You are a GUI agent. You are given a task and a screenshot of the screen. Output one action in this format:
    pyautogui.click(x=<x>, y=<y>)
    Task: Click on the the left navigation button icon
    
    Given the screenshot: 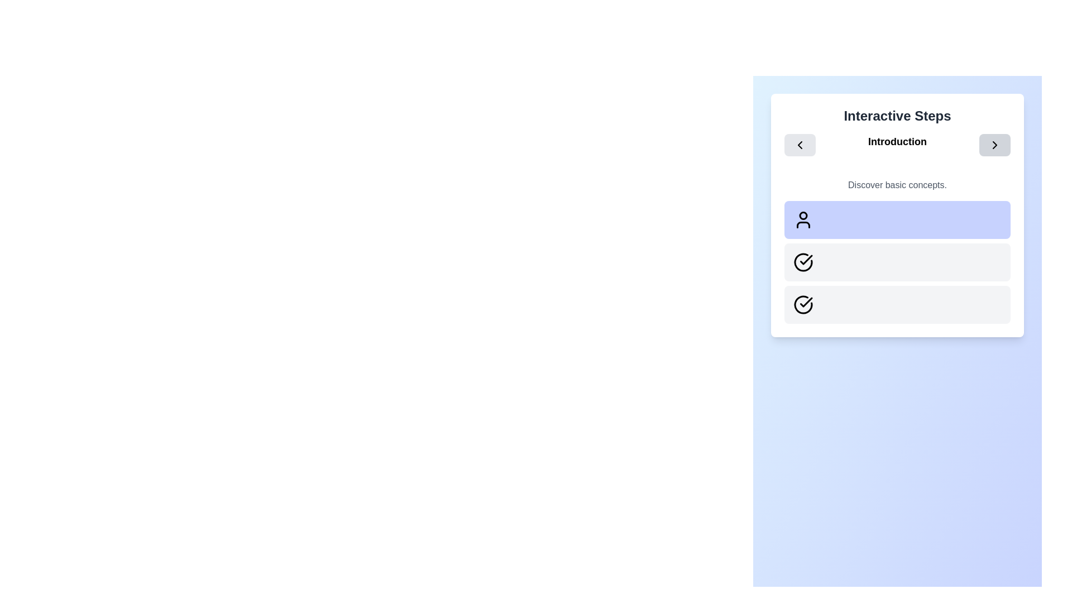 What is the action you would take?
    pyautogui.click(x=800, y=144)
    